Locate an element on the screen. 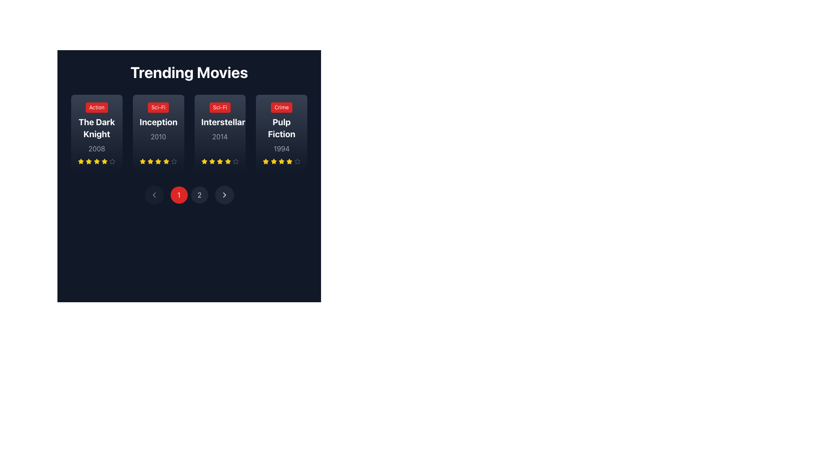 This screenshot has width=823, height=463. the pagination control button located centrally below a list of content cards is located at coordinates (154, 195).